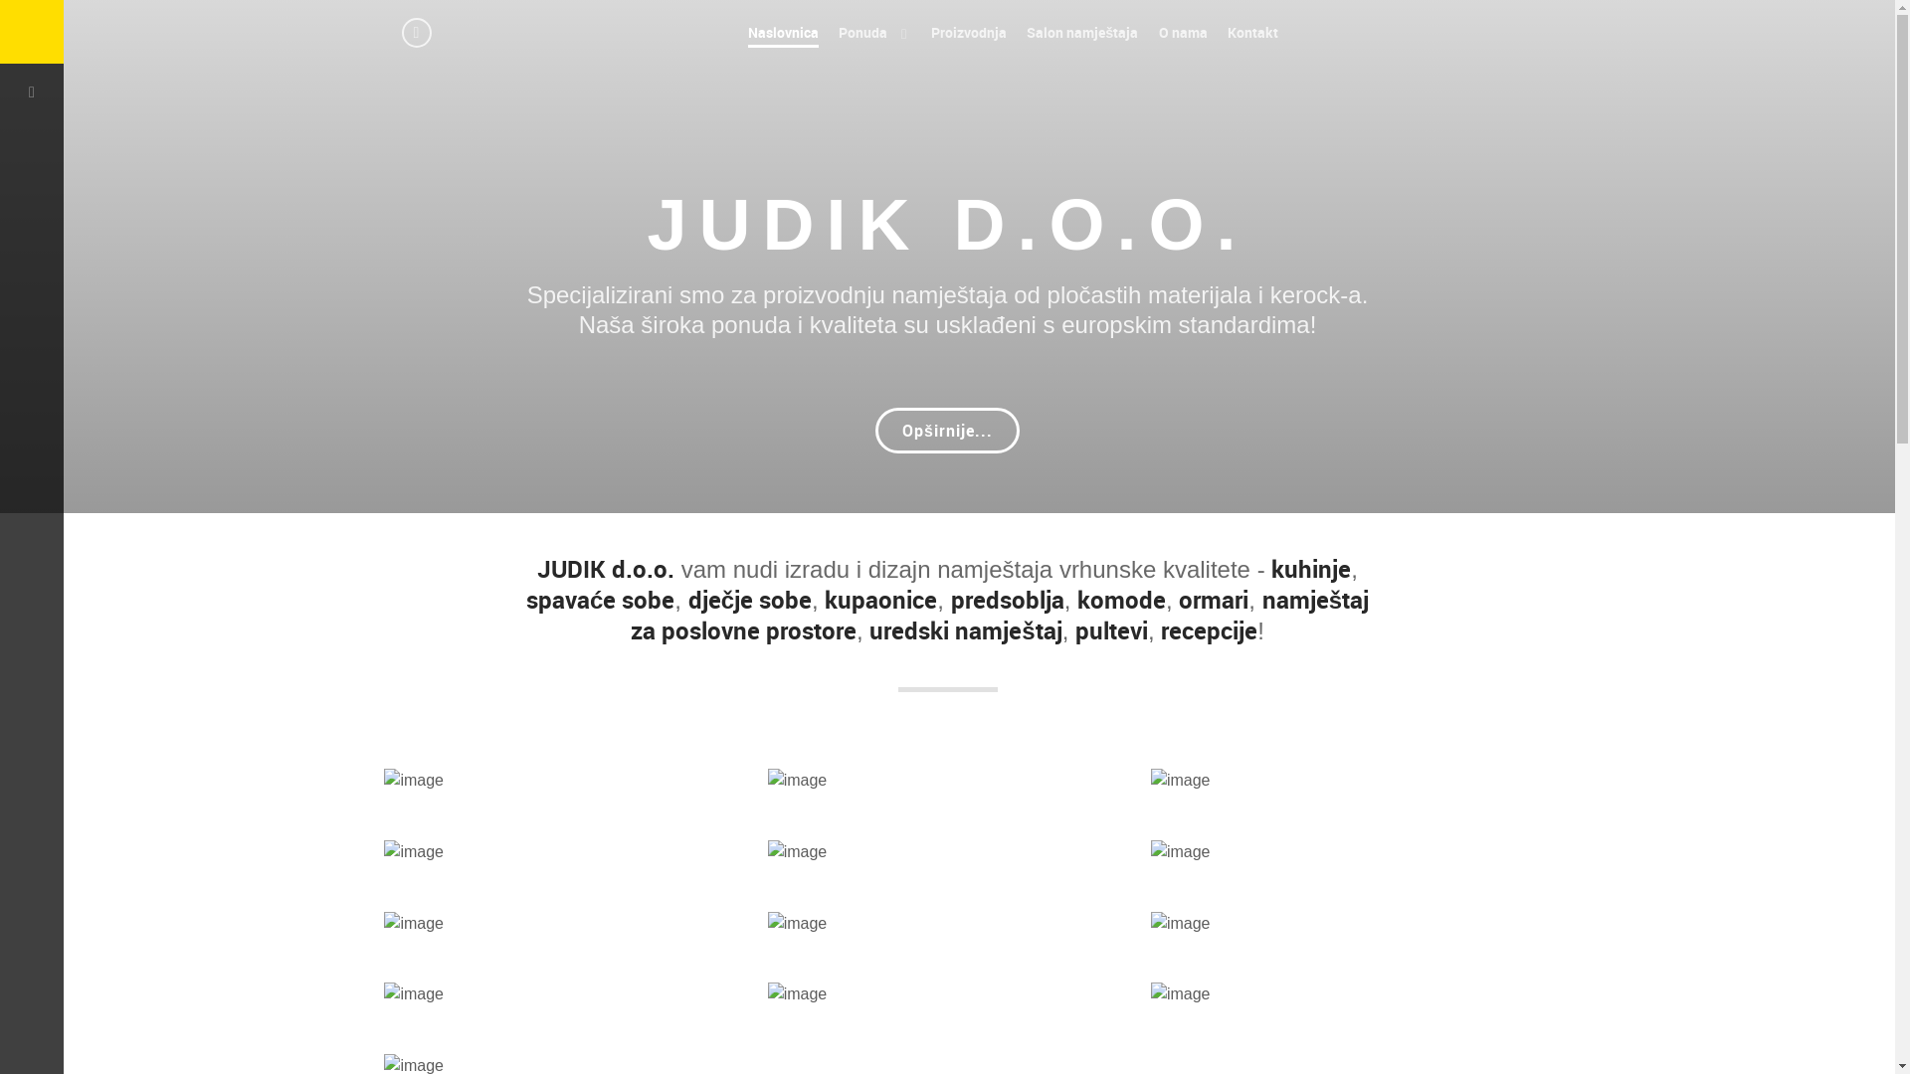  I want to click on 'kuhinje', so click(1311, 568).